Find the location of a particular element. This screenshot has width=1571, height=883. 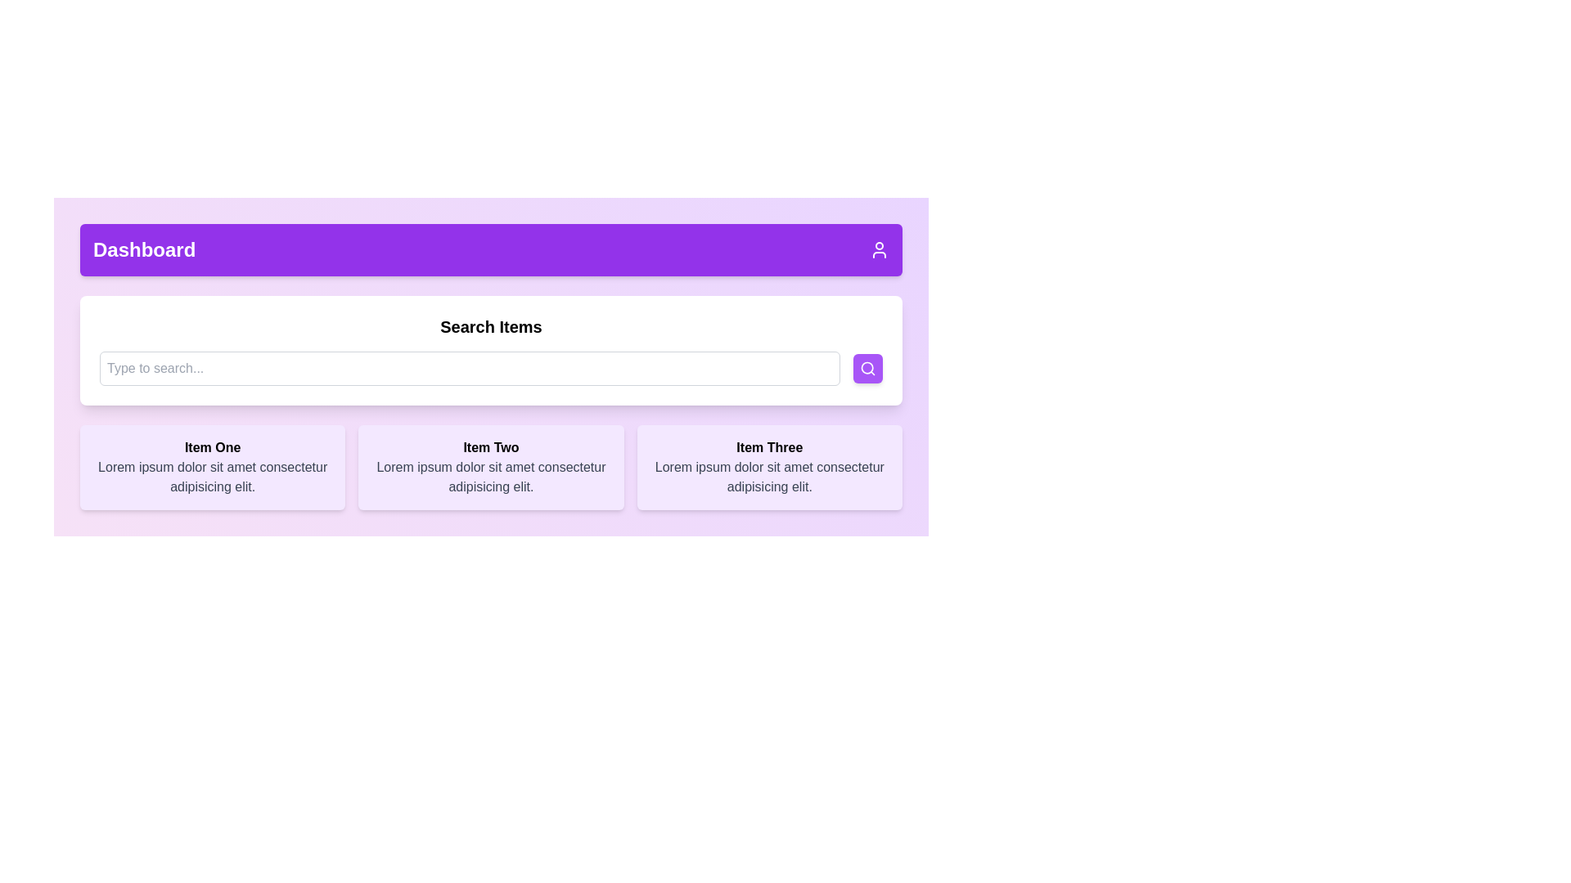

the bold header text labeled 'Item One' which is located at the top of a content card with a purple background is located at coordinates (212, 447).